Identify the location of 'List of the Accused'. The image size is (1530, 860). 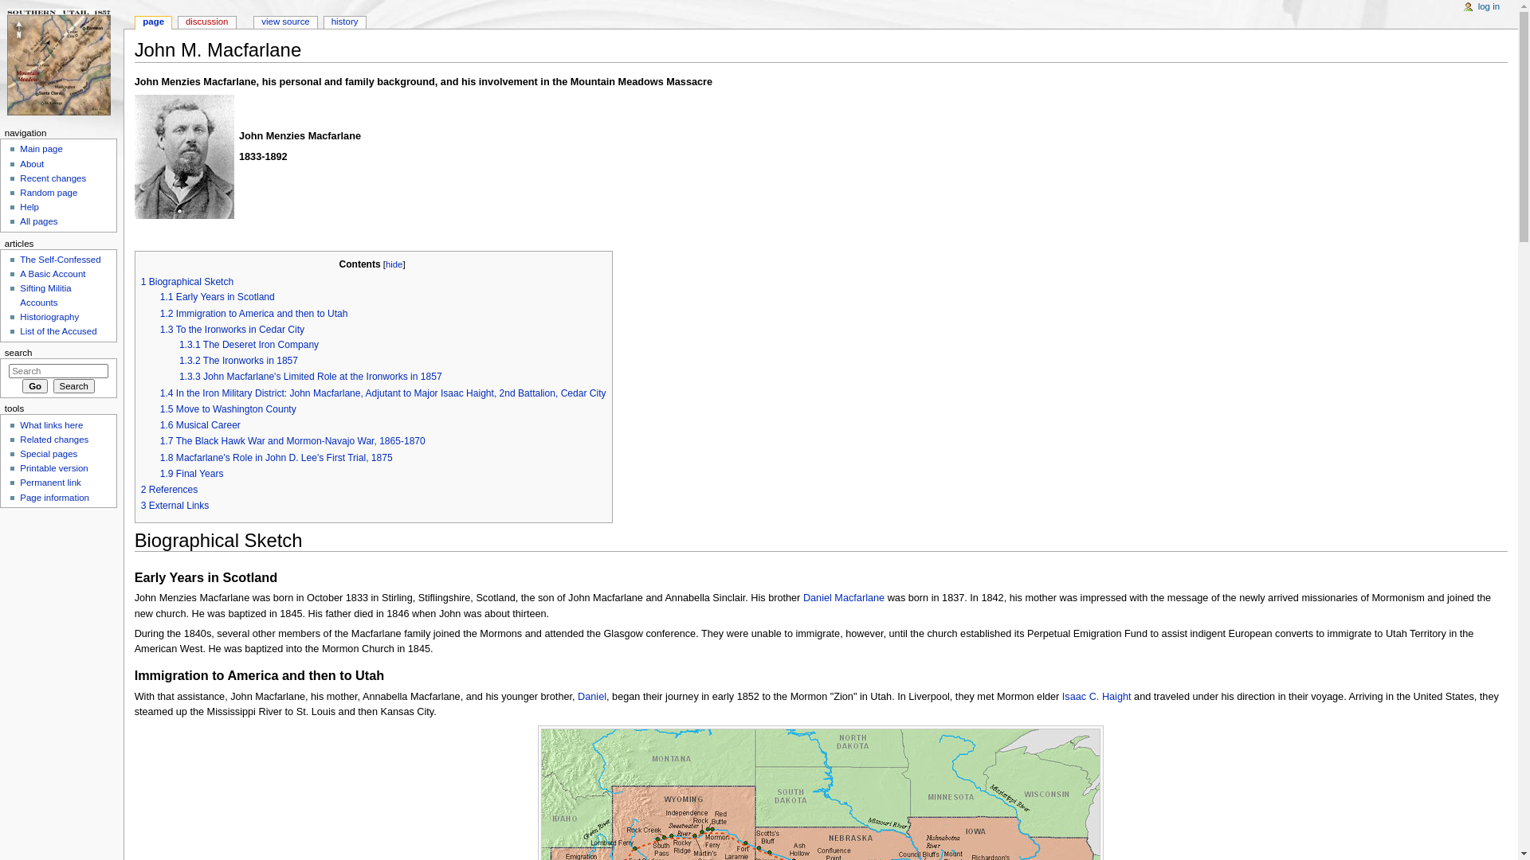
(57, 330).